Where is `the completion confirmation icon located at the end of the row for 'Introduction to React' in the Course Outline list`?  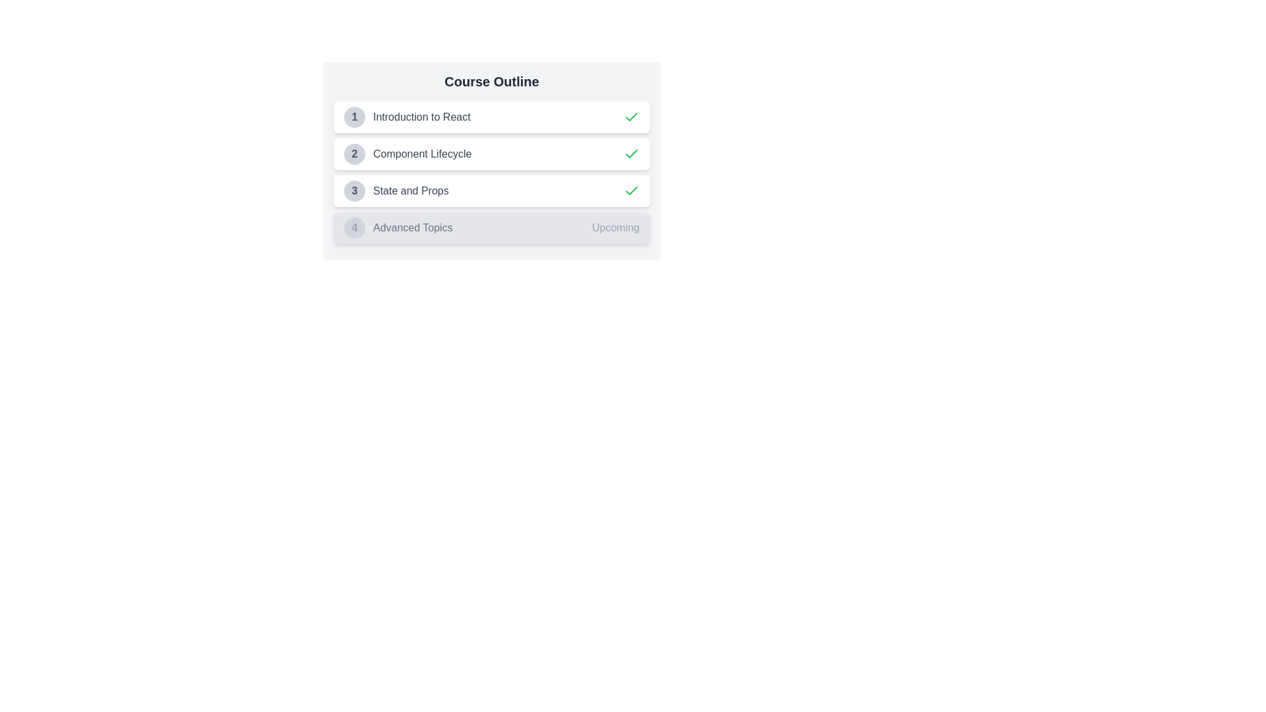
the completion confirmation icon located at the end of the row for 'Introduction to React' in the Course Outline list is located at coordinates (631, 116).